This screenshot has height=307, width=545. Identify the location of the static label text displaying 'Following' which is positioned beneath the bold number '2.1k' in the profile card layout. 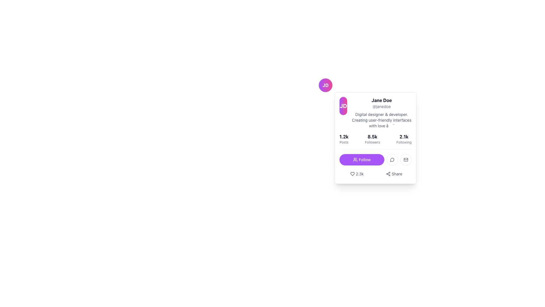
(404, 142).